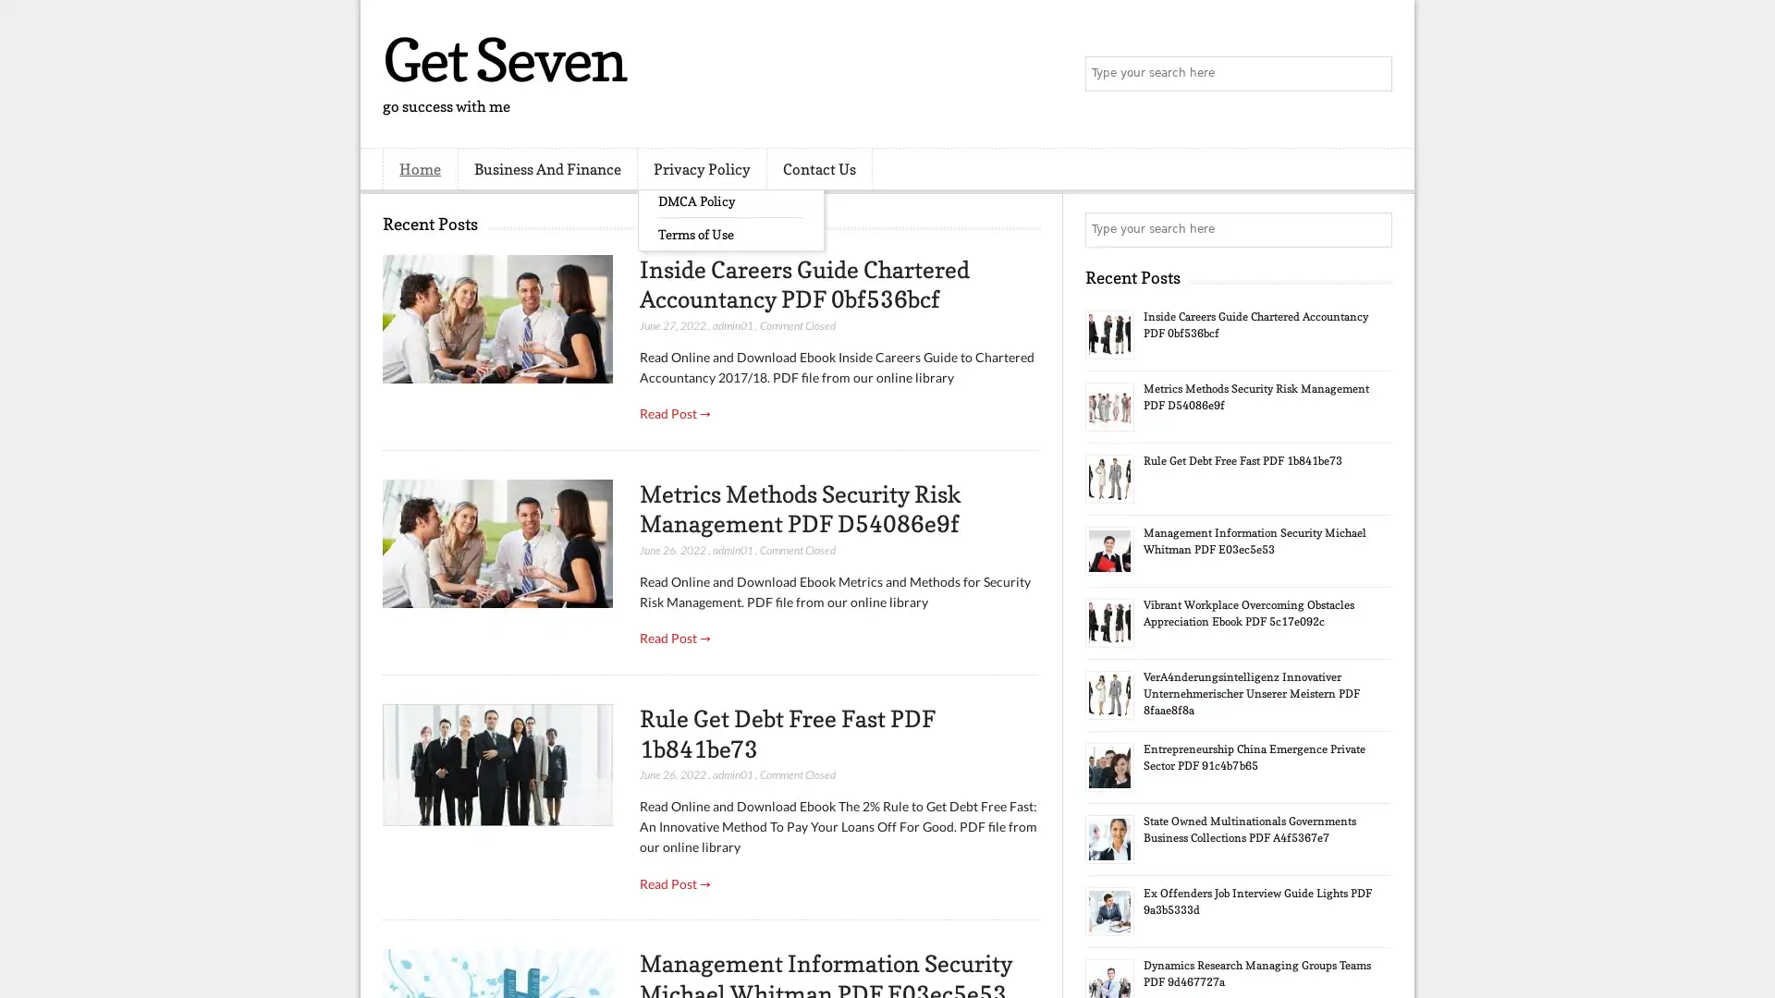 This screenshot has height=998, width=1775. What do you see at coordinates (1373, 229) in the screenshot?
I see `Search` at bounding box center [1373, 229].